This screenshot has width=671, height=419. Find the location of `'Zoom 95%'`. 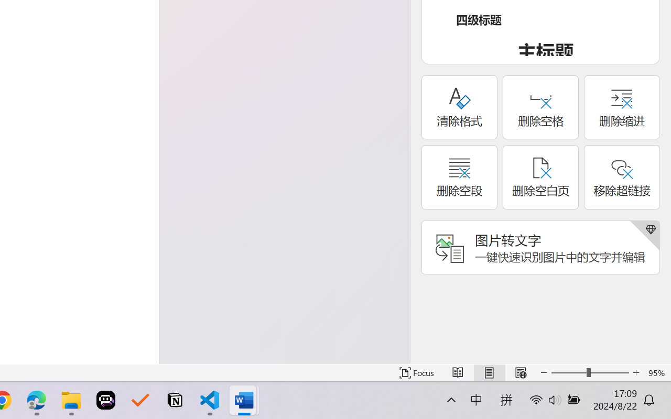

'Zoom 95%' is located at coordinates (656, 372).